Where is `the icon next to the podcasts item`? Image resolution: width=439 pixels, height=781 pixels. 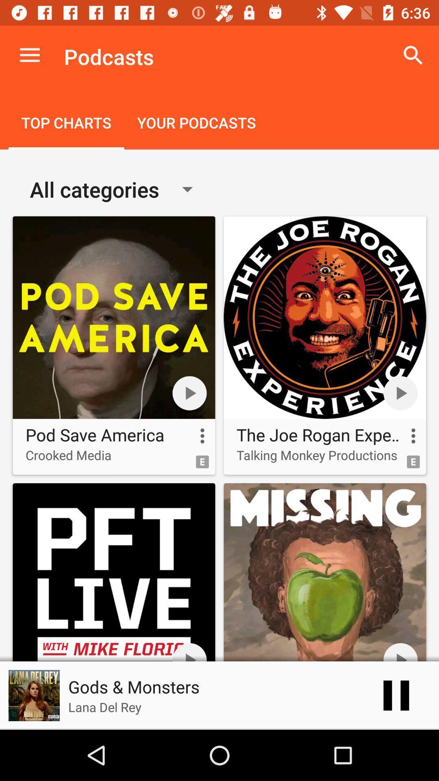 the icon next to the podcasts item is located at coordinates (413, 55).